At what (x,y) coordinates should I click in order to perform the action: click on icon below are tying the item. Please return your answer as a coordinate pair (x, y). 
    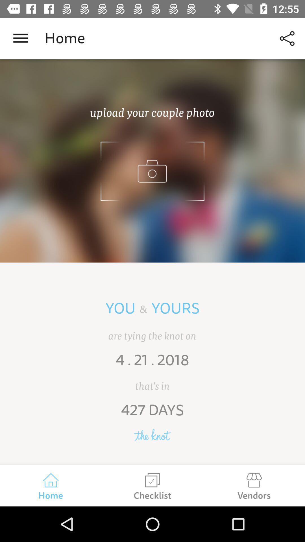
    Looking at the image, I should click on (152, 364).